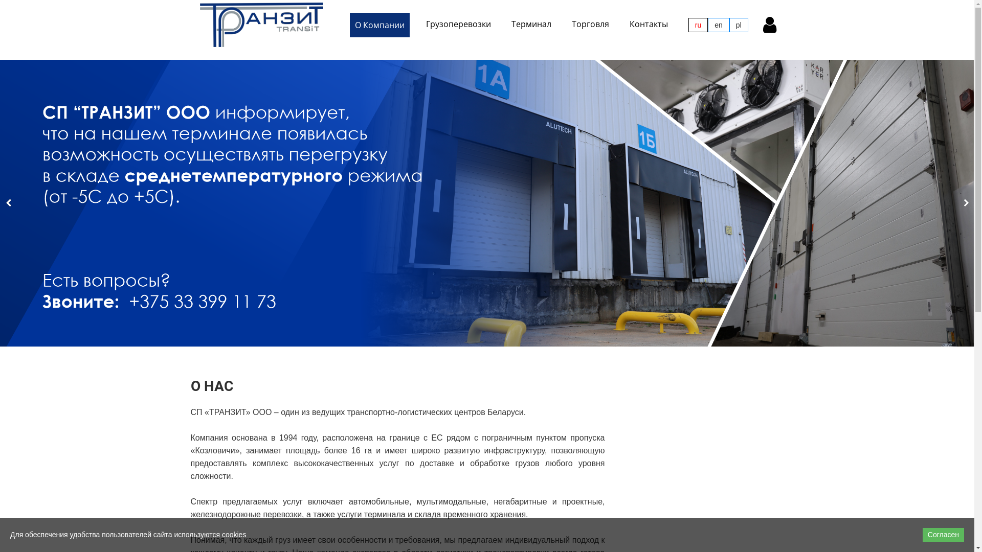 This screenshot has height=552, width=982. Describe the element at coordinates (728, 25) in the screenshot. I see `'pl'` at that location.